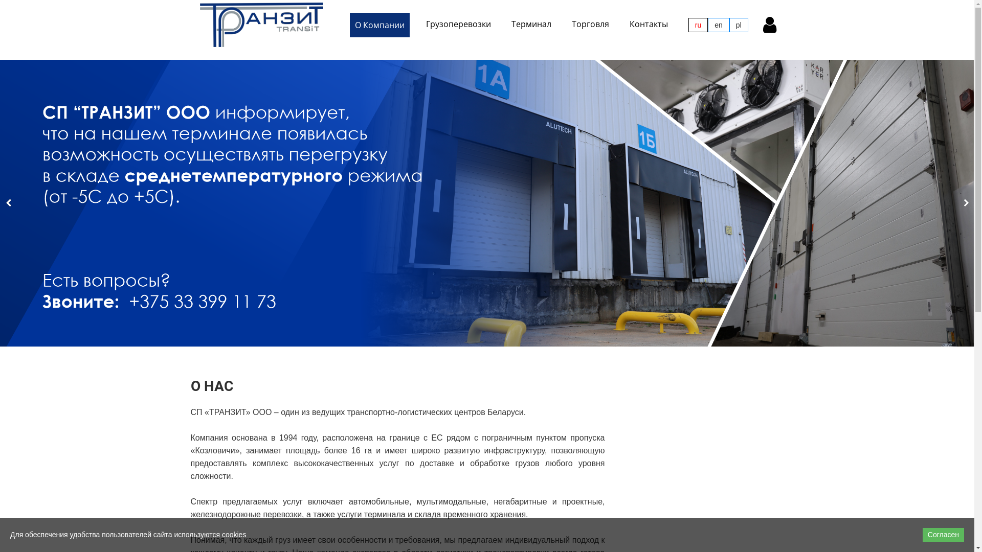 This screenshot has height=552, width=982. Describe the element at coordinates (728, 25) in the screenshot. I see `'pl'` at that location.